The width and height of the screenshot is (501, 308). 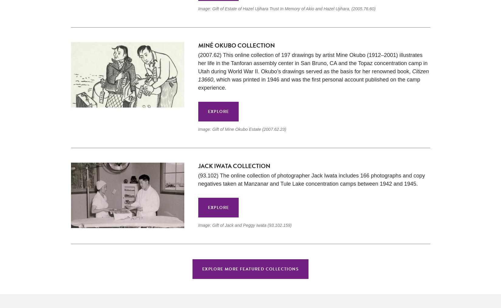 What do you see at coordinates (313, 75) in the screenshot?
I see `'Citizen 13660'` at bounding box center [313, 75].